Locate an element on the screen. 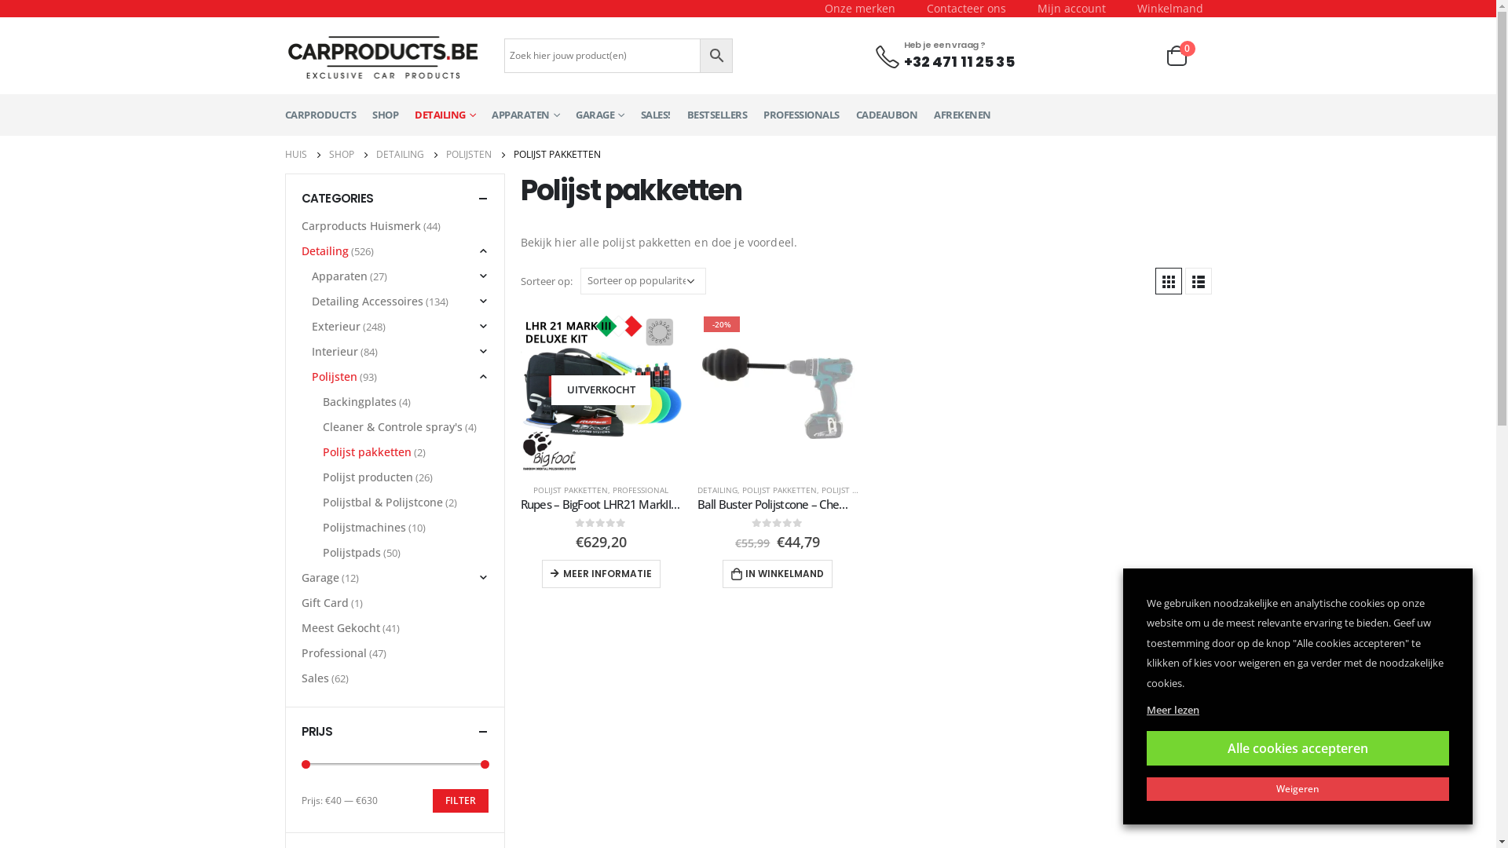  'AFREKENEN' is located at coordinates (934, 114).